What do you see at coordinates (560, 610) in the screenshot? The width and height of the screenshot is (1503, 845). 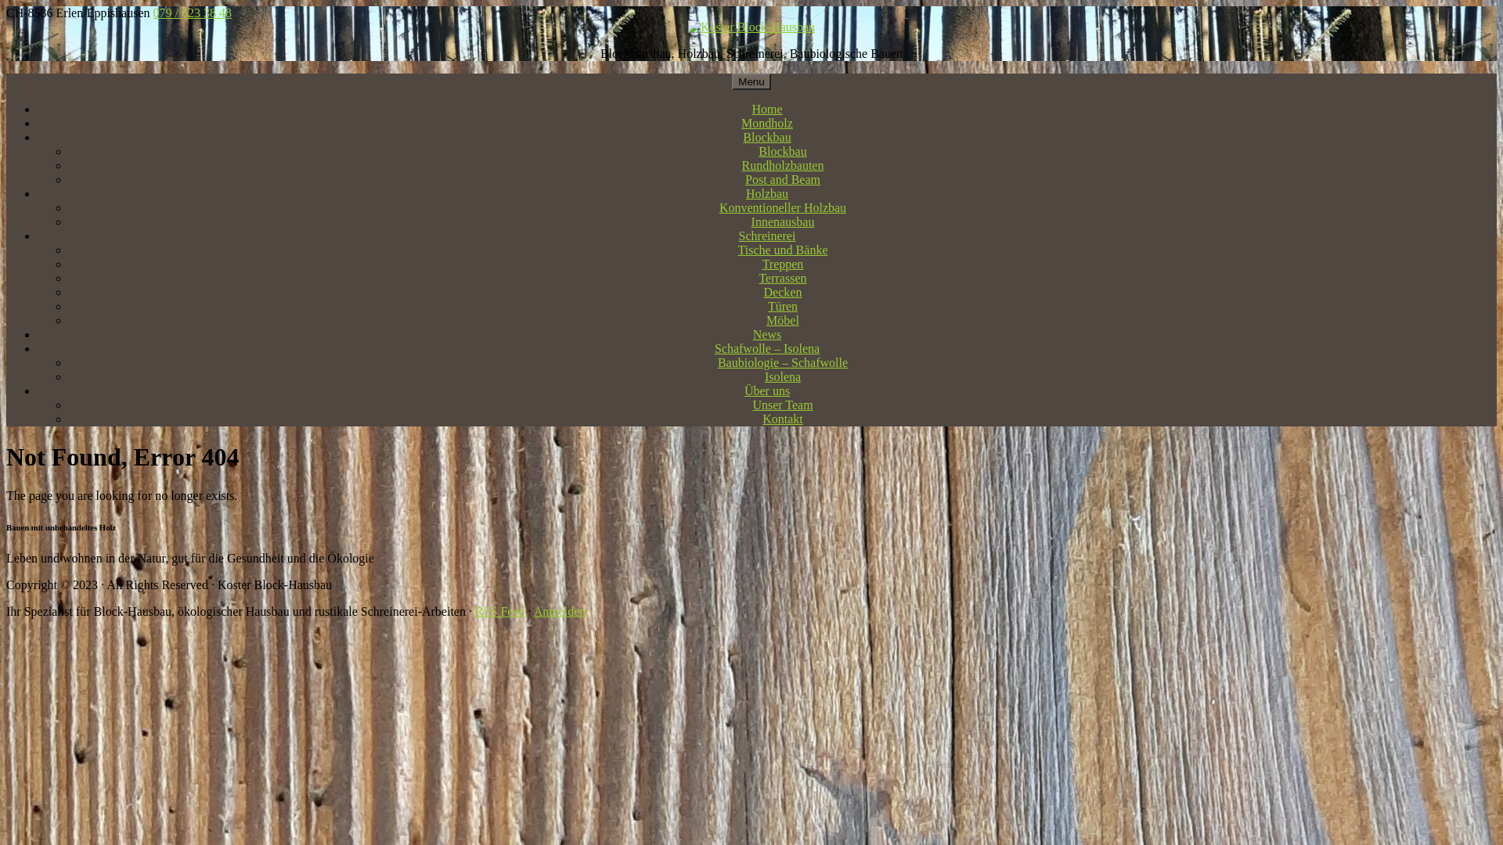 I see `'Anmelden'` at bounding box center [560, 610].